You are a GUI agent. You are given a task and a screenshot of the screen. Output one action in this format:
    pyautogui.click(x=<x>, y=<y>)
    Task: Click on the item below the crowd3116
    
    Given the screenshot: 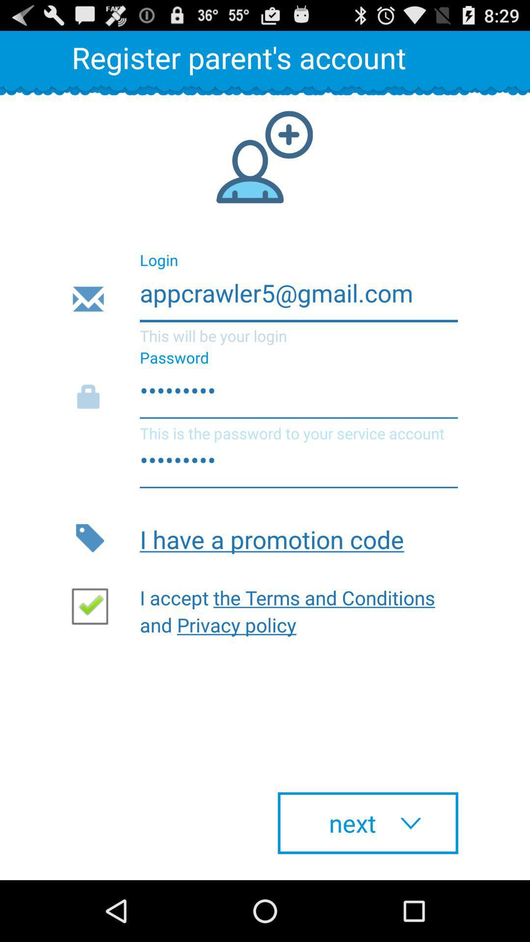 What is the action you would take?
    pyautogui.click(x=298, y=537)
    